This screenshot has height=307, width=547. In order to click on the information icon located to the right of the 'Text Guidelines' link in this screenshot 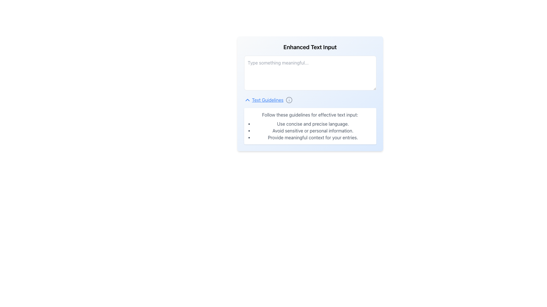, I will do `click(289, 99)`.